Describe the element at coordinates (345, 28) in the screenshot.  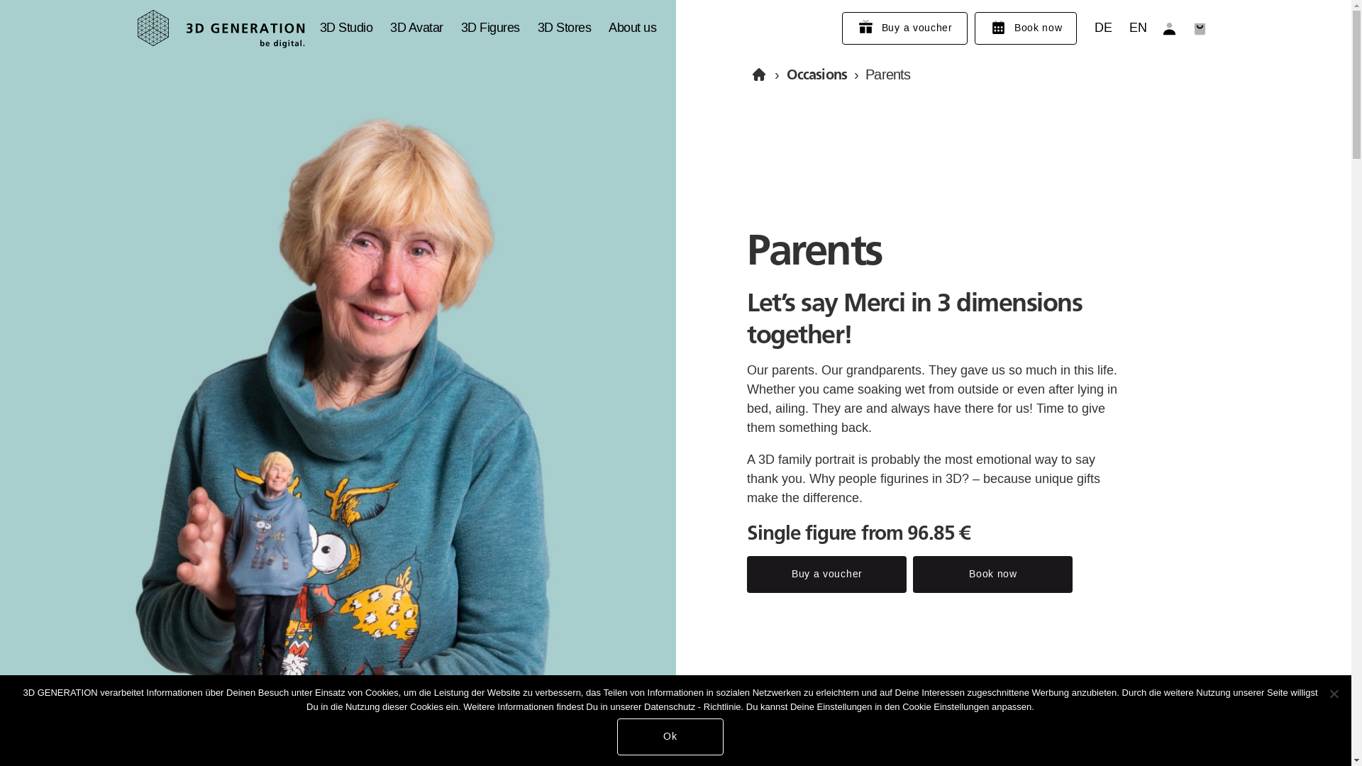
I see `'3D Studio'` at that location.